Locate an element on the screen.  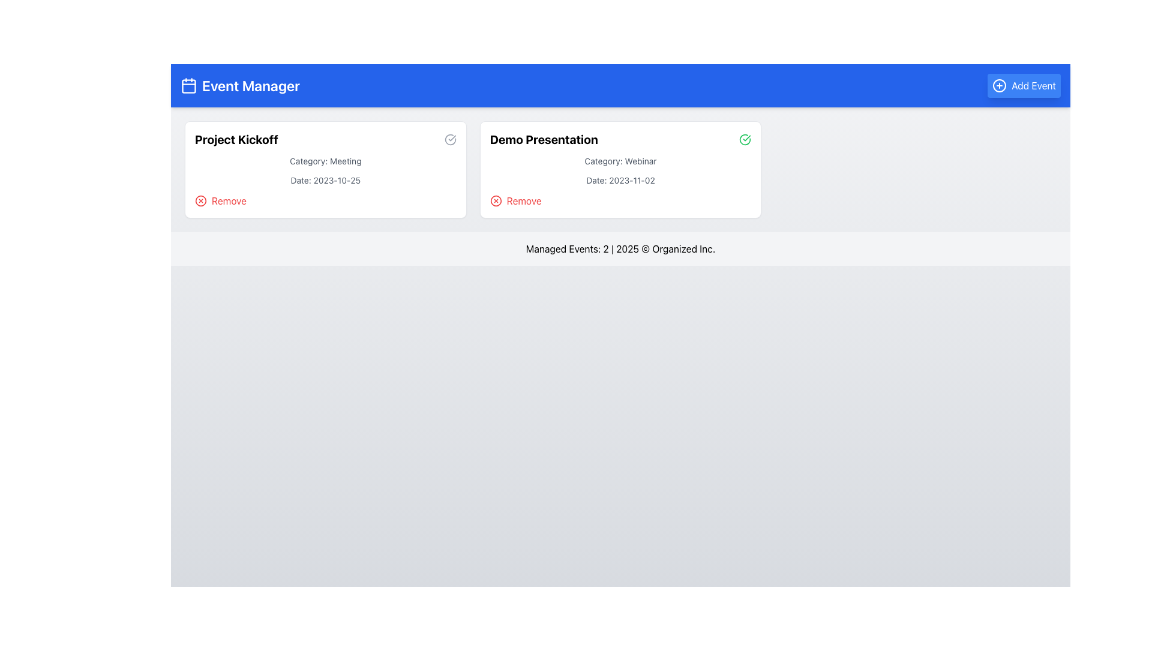
the icon depicting a circle with a checkmark inside is located at coordinates (449, 139).